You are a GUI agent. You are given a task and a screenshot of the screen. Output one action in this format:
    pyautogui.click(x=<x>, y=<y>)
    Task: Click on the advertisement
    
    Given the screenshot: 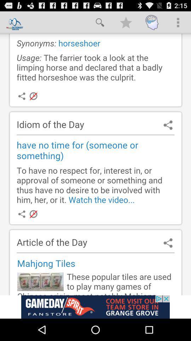 What is the action you would take?
    pyautogui.click(x=95, y=307)
    